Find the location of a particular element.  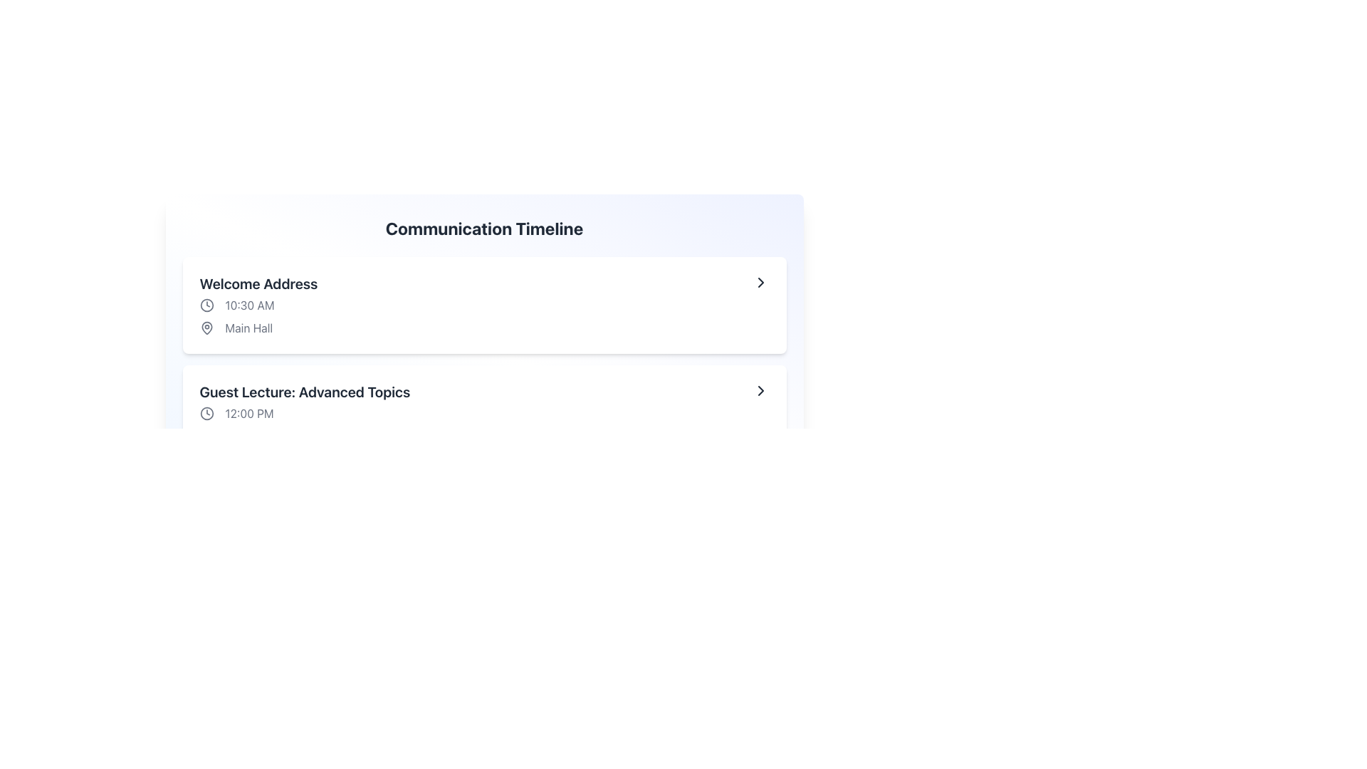

the first event card in the 'Communication Timeline' section is located at coordinates (484, 304).